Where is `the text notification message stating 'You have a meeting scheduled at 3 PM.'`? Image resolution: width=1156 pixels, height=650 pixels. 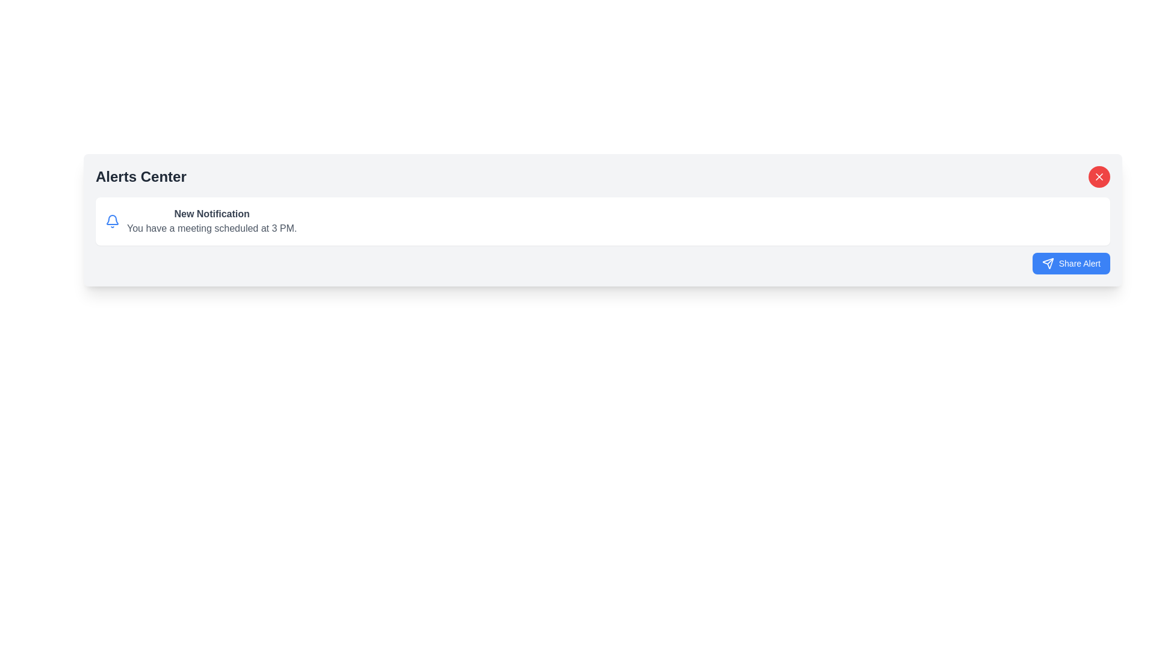 the text notification message stating 'You have a meeting scheduled at 3 PM.' is located at coordinates (212, 229).